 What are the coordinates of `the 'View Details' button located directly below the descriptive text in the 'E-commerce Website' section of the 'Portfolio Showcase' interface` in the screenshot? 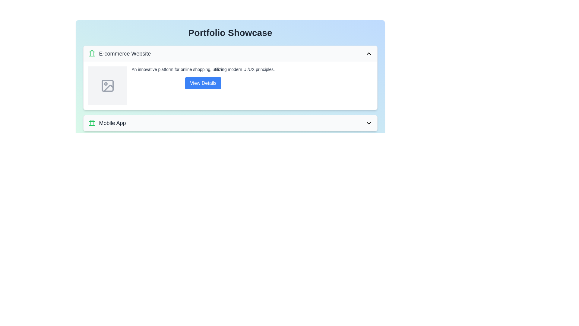 It's located at (203, 78).